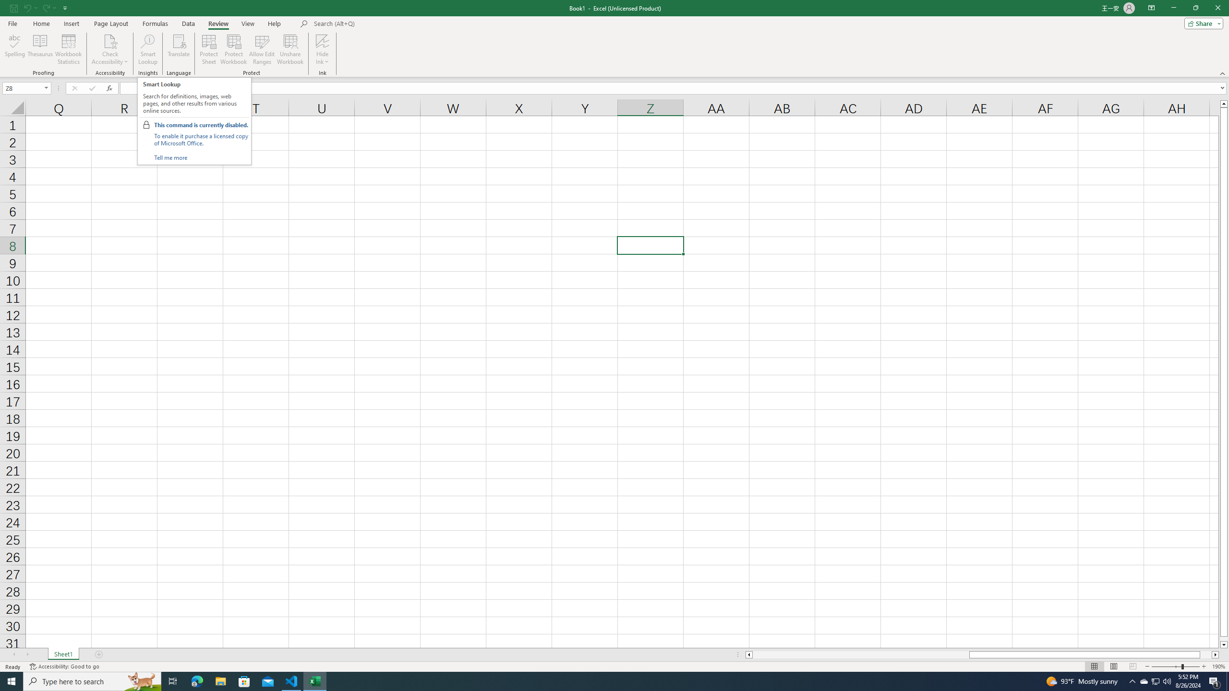 This screenshot has height=691, width=1229. I want to click on 'Spelling...', so click(14, 49).